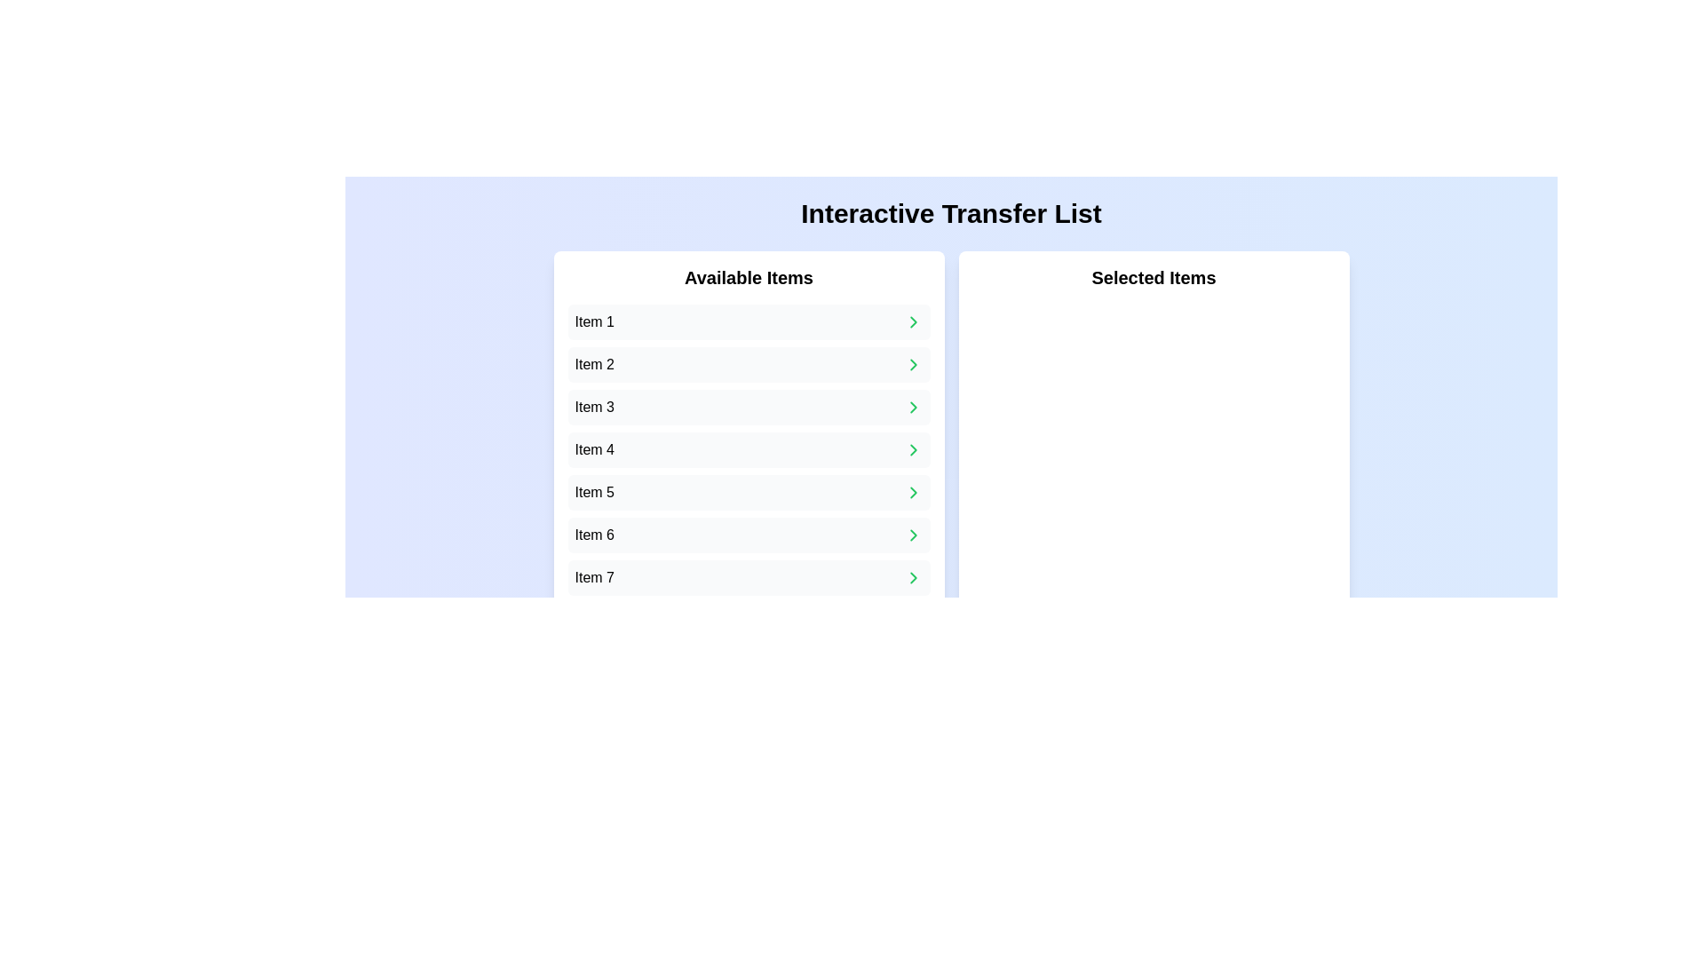 The width and height of the screenshot is (1705, 959). What do you see at coordinates (913, 493) in the screenshot?
I see `the green right-facing chevron icon located to the right of 'Item 5' in the 'Available Items' section` at bounding box center [913, 493].